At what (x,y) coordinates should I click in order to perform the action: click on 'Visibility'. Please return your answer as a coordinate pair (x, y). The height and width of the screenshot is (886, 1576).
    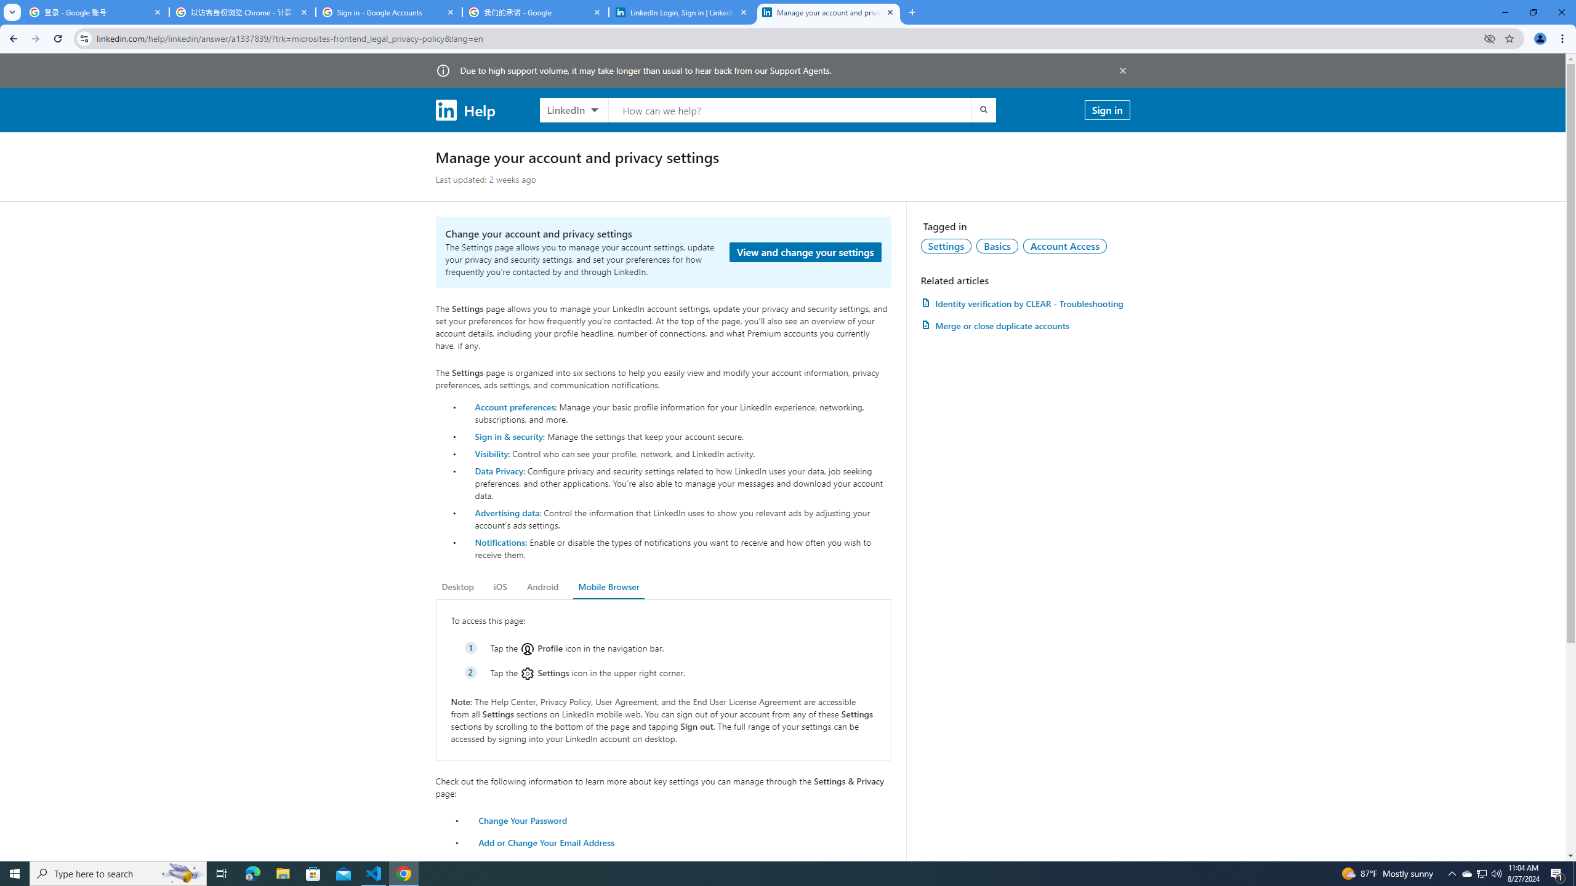
    Looking at the image, I should click on (491, 453).